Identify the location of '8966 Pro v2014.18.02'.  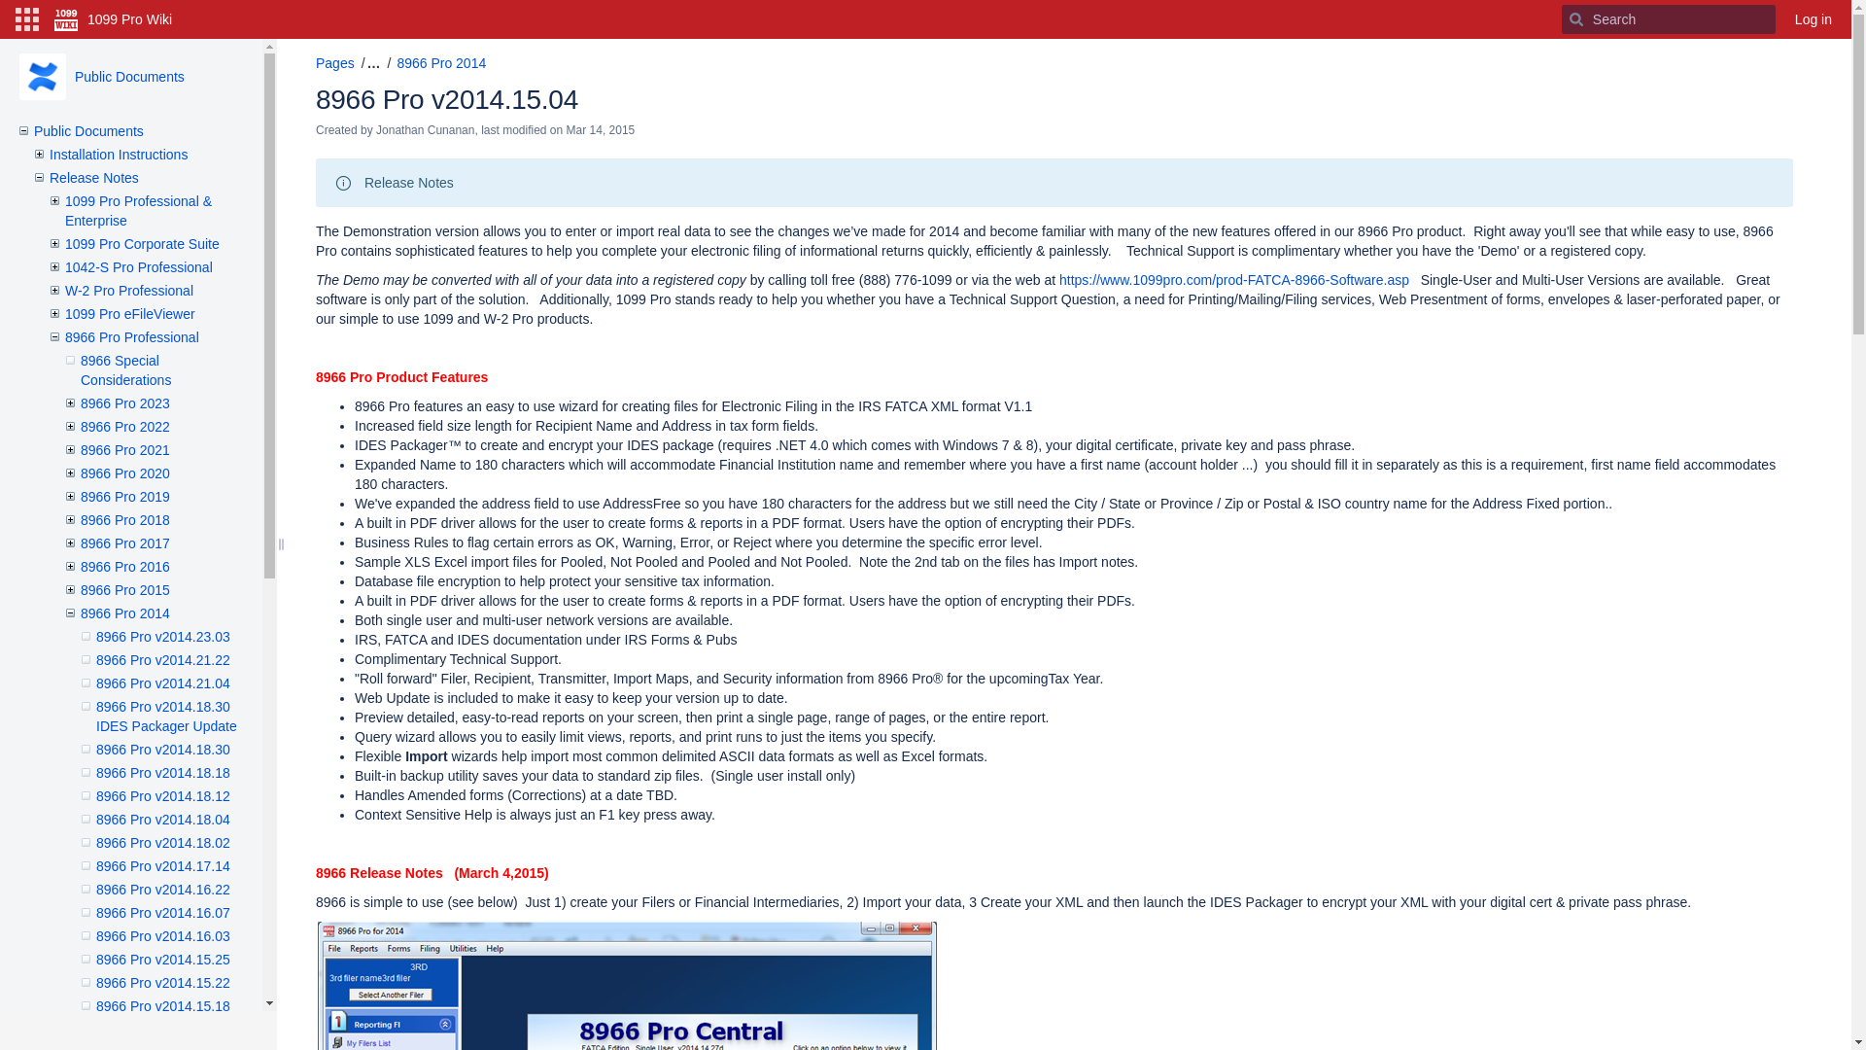
(163, 842).